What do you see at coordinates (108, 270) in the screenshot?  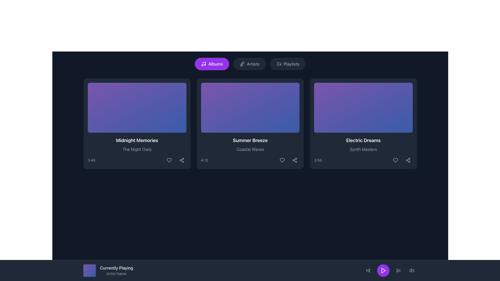 I see `the media playback information display widget located at the center-left side of the bottom navigation bar, which includes an image thumbnail, text labels for track title and artist name` at bounding box center [108, 270].